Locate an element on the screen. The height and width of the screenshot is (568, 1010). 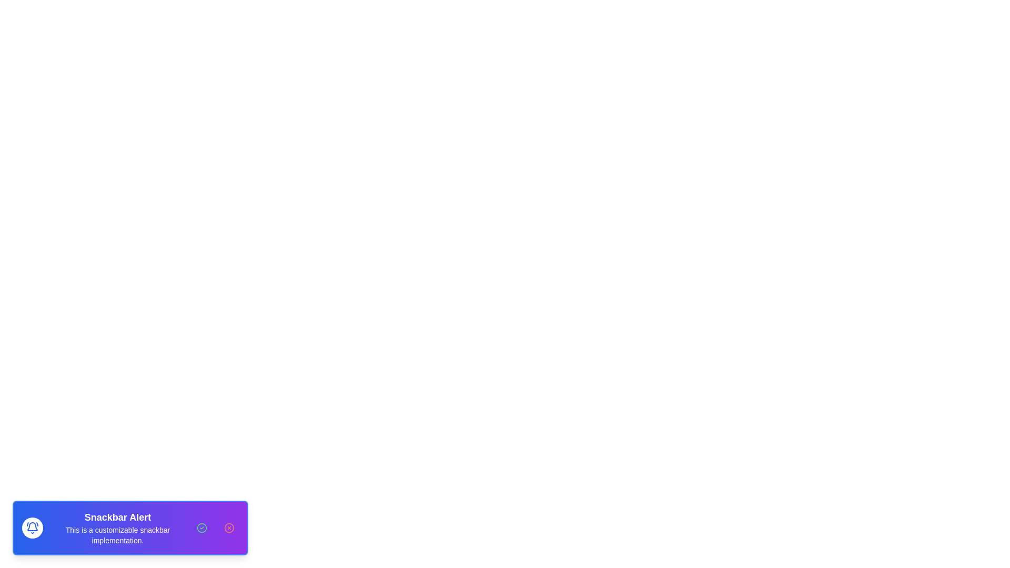
the bell icon to interact with it is located at coordinates (33, 528).